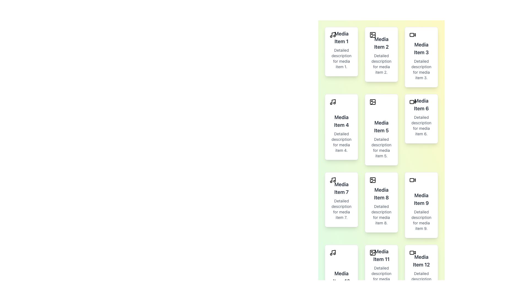  What do you see at coordinates (415, 35) in the screenshot?
I see `the play icon for 'Media Item 3' located in the first row and third column of the media grid` at bounding box center [415, 35].